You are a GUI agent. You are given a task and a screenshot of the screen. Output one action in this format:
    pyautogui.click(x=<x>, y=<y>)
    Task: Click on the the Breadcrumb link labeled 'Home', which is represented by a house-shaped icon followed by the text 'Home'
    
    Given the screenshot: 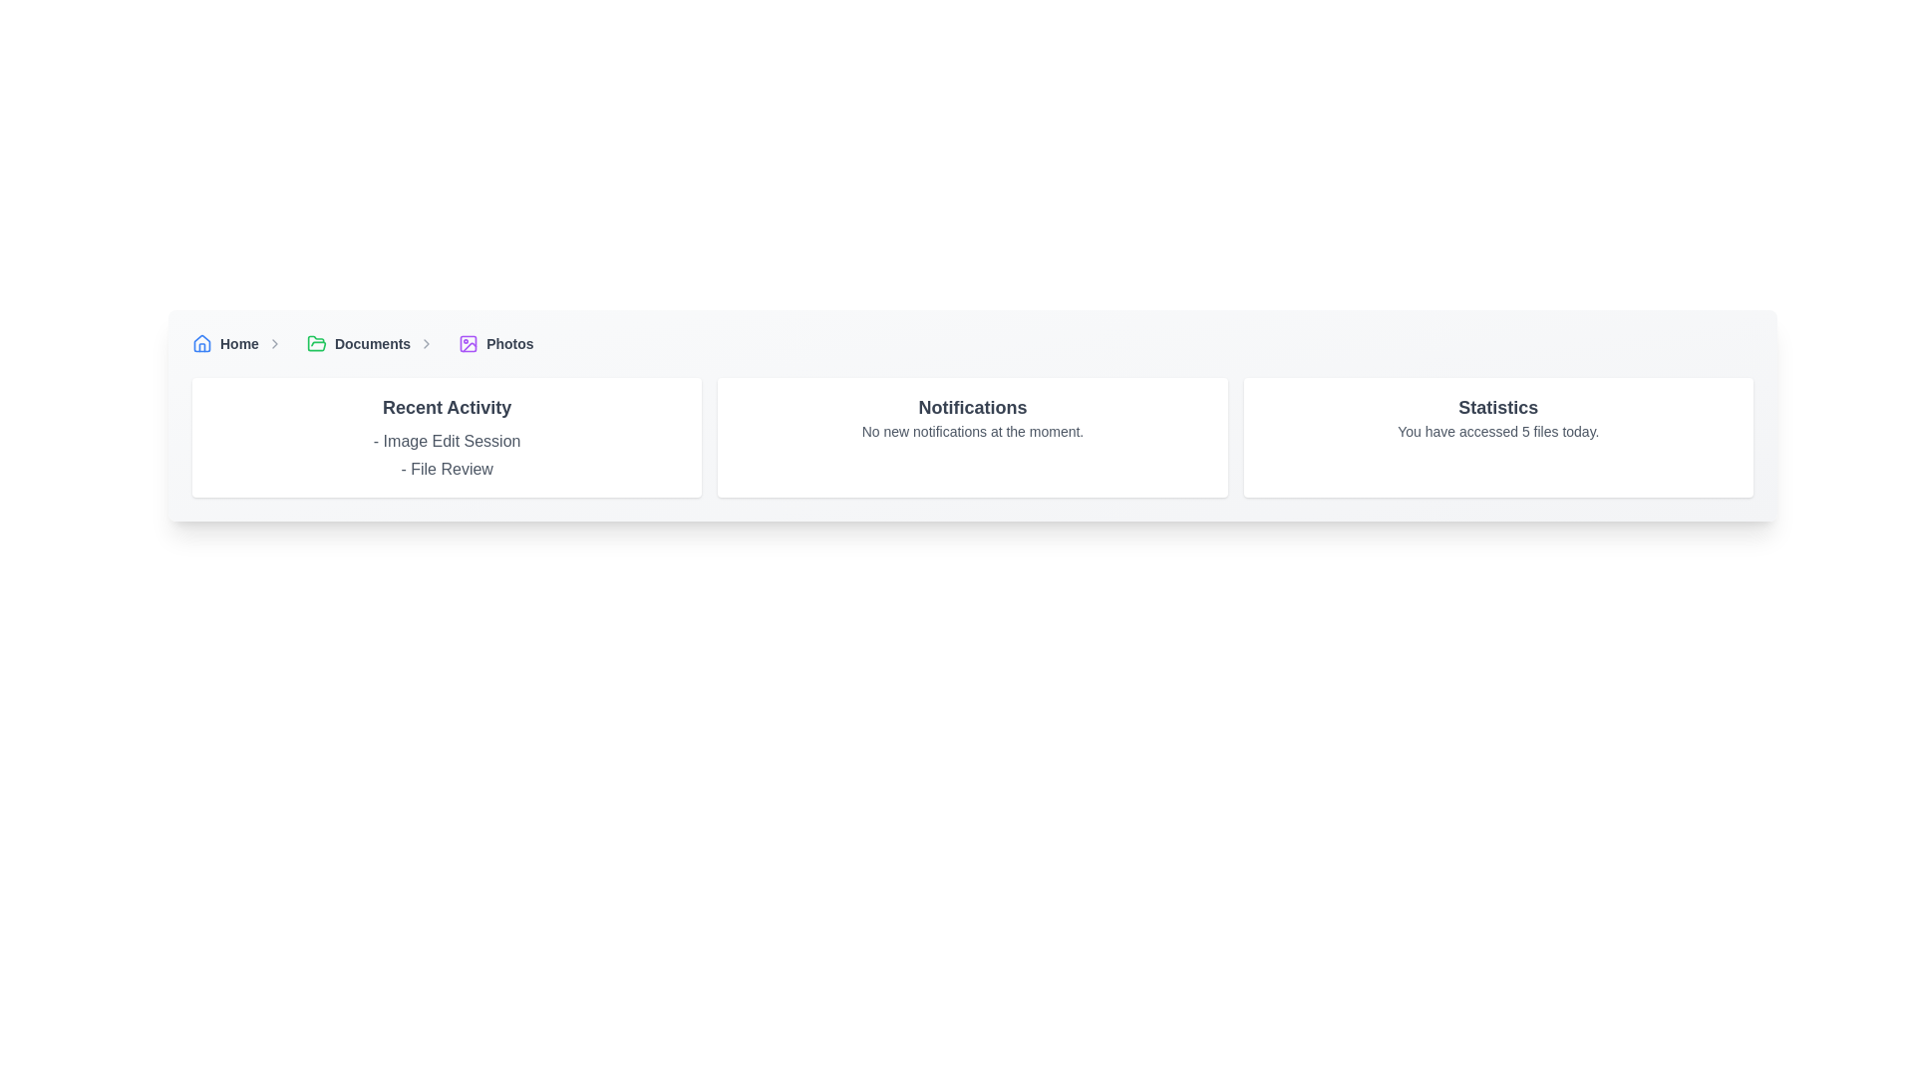 What is the action you would take?
    pyautogui.click(x=225, y=342)
    